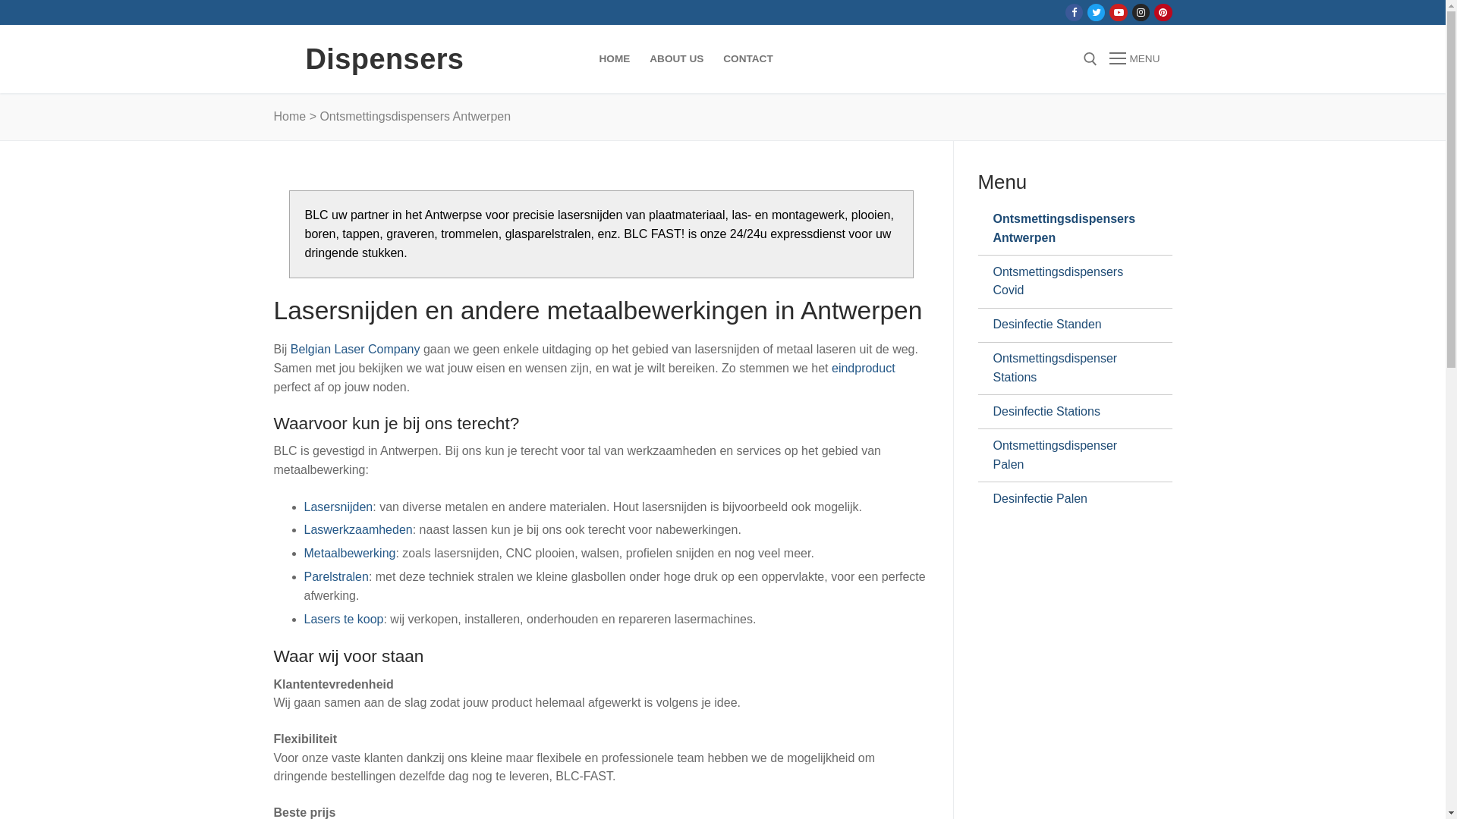 The image size is (1457, 819). I want to click on 'Ontsmettingsdispensers Covid', so click(1067, 281).